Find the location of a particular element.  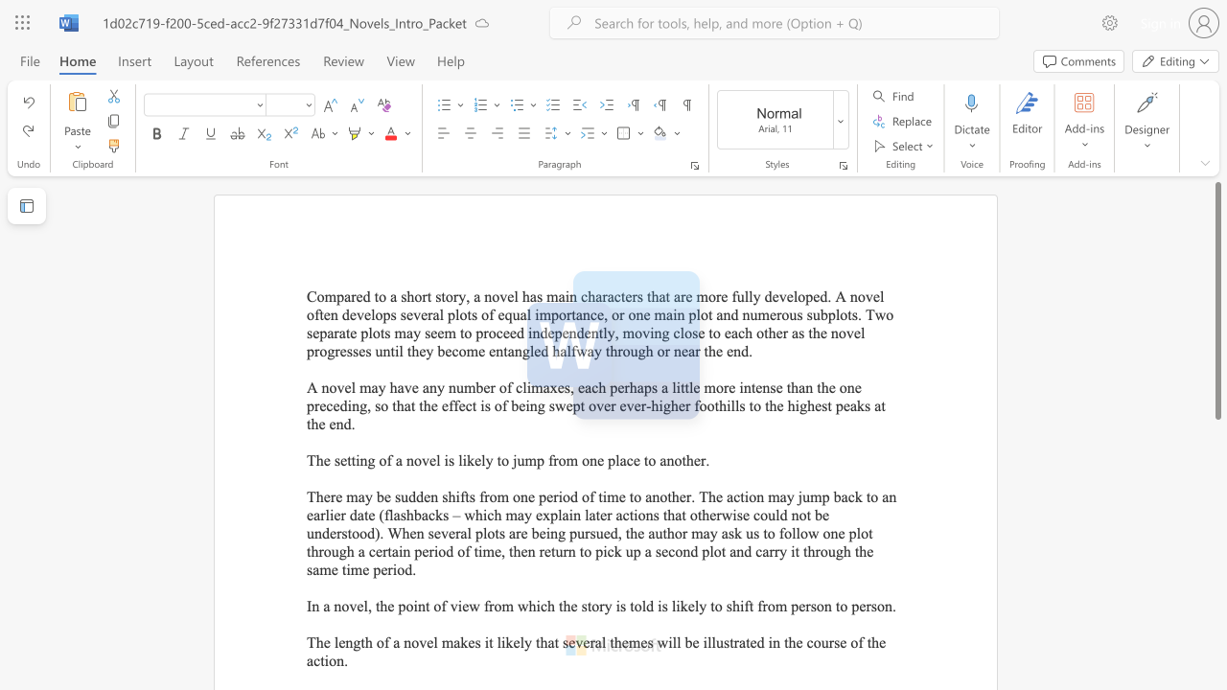

the scrollbar on the right to move the page downward is located at coordinates (1216, 470).